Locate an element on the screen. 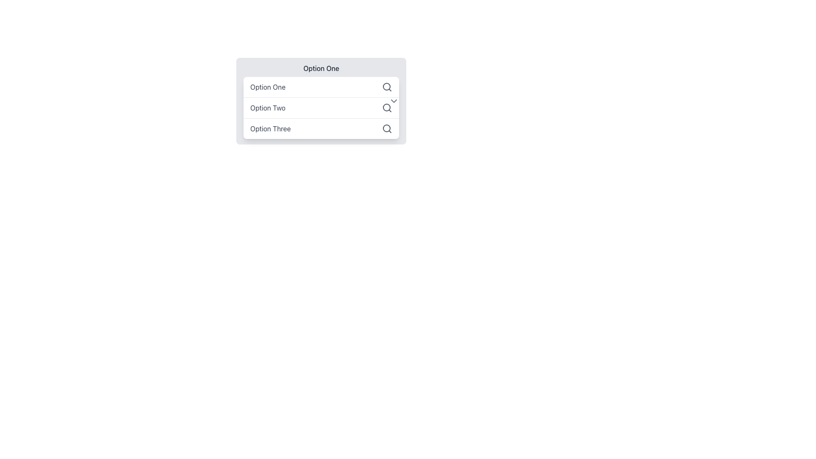 The image size is (816, 459). the first item in the dropdown menu, which is labeled 'Option One' is located at coordinates (320, 87).